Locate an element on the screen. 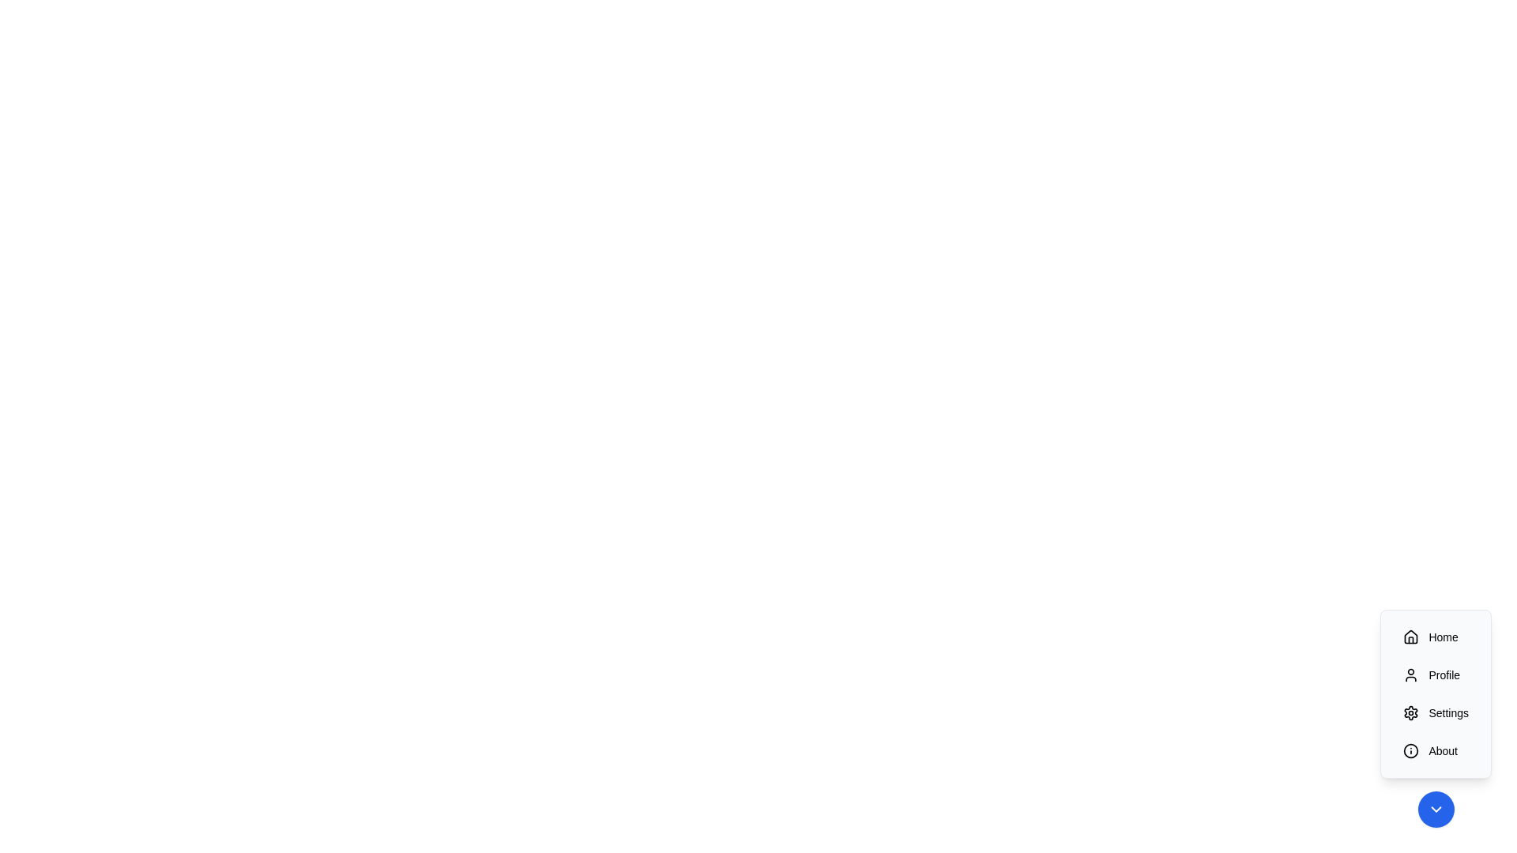  the 'Settings' button to trigger its action is located at coordinates (1436, 712).